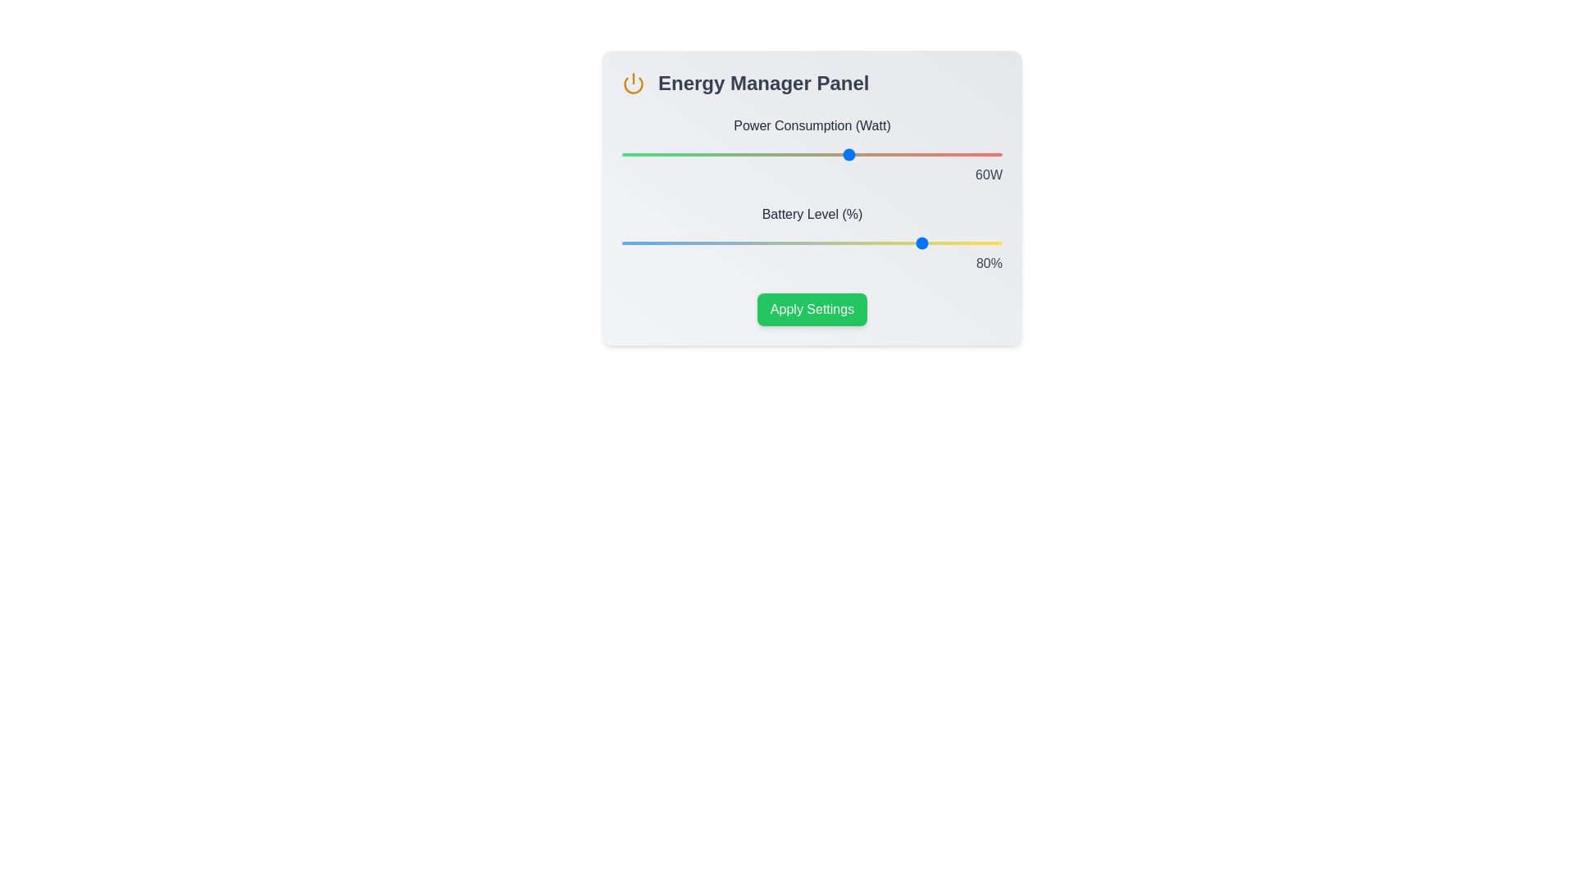 Image resolution: width=1574 pixels, height=885 pixels. I want to click on the power consumption slider to 0 percent, so click(621, 155).